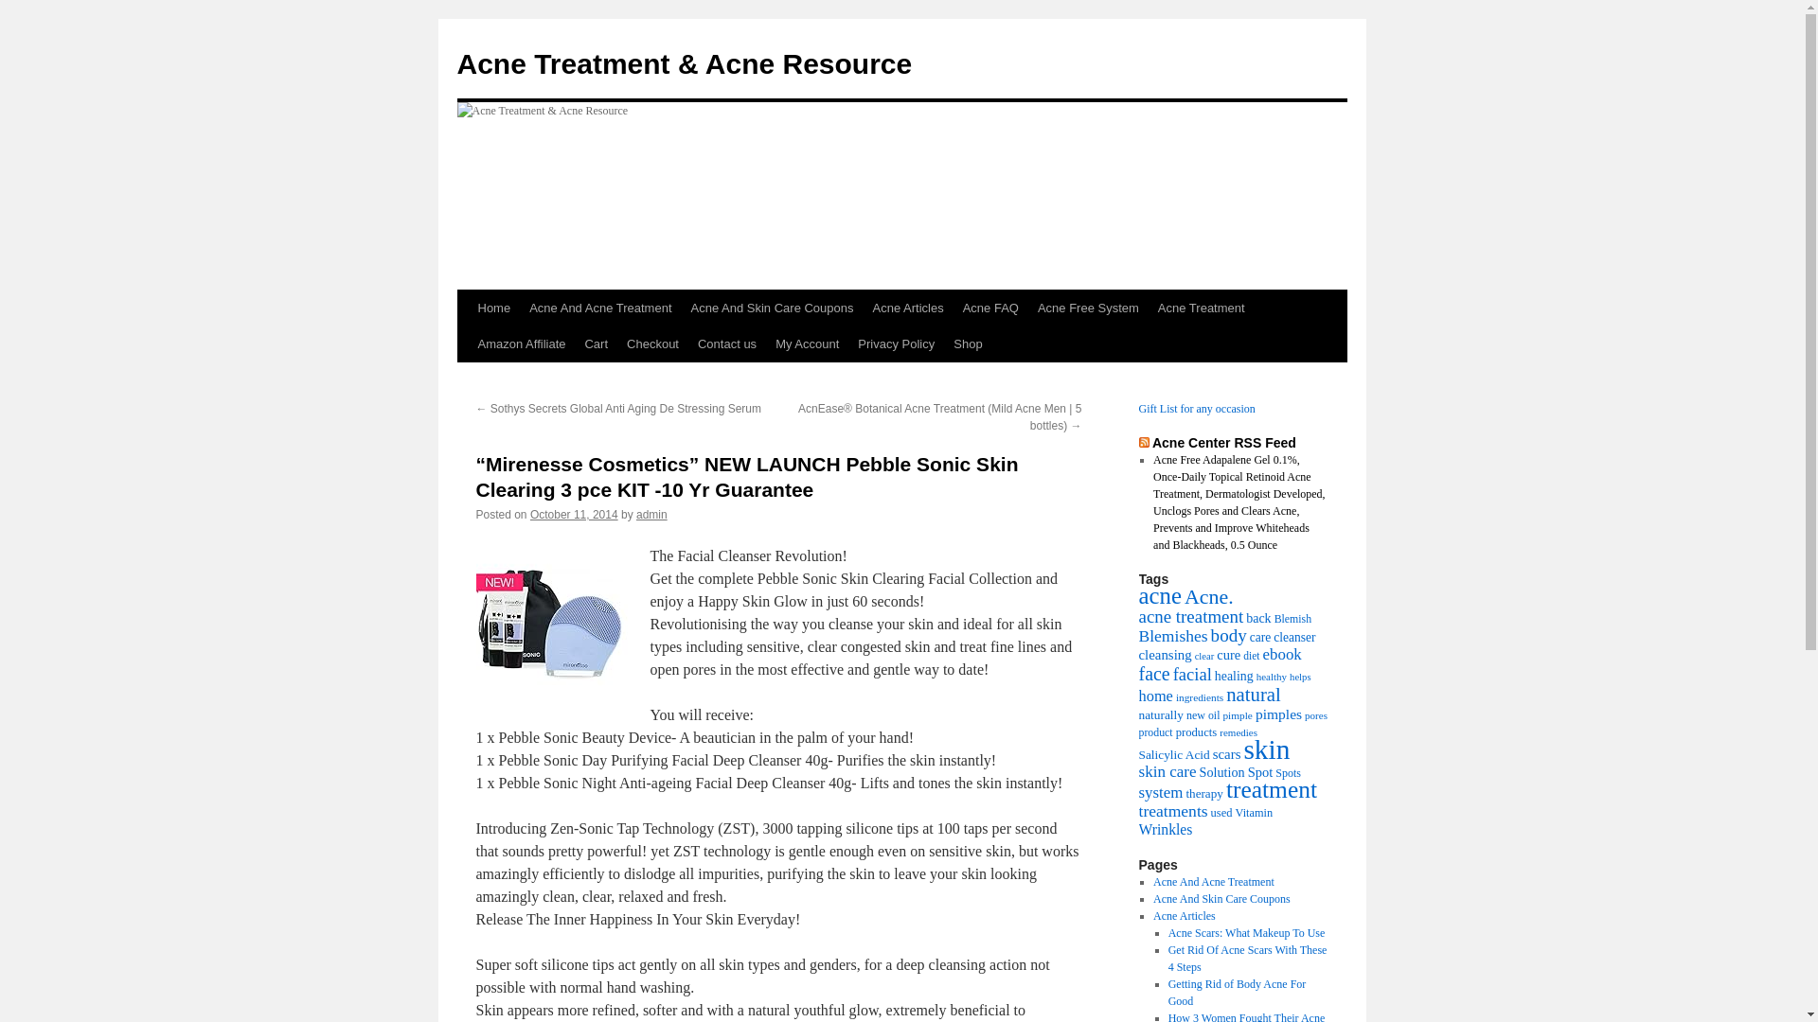 The height and width of the screenshot is (1022, 1818). Describe the element at coordinates (652, 344) in the screenshot. I see `'Checkout'` at that location.